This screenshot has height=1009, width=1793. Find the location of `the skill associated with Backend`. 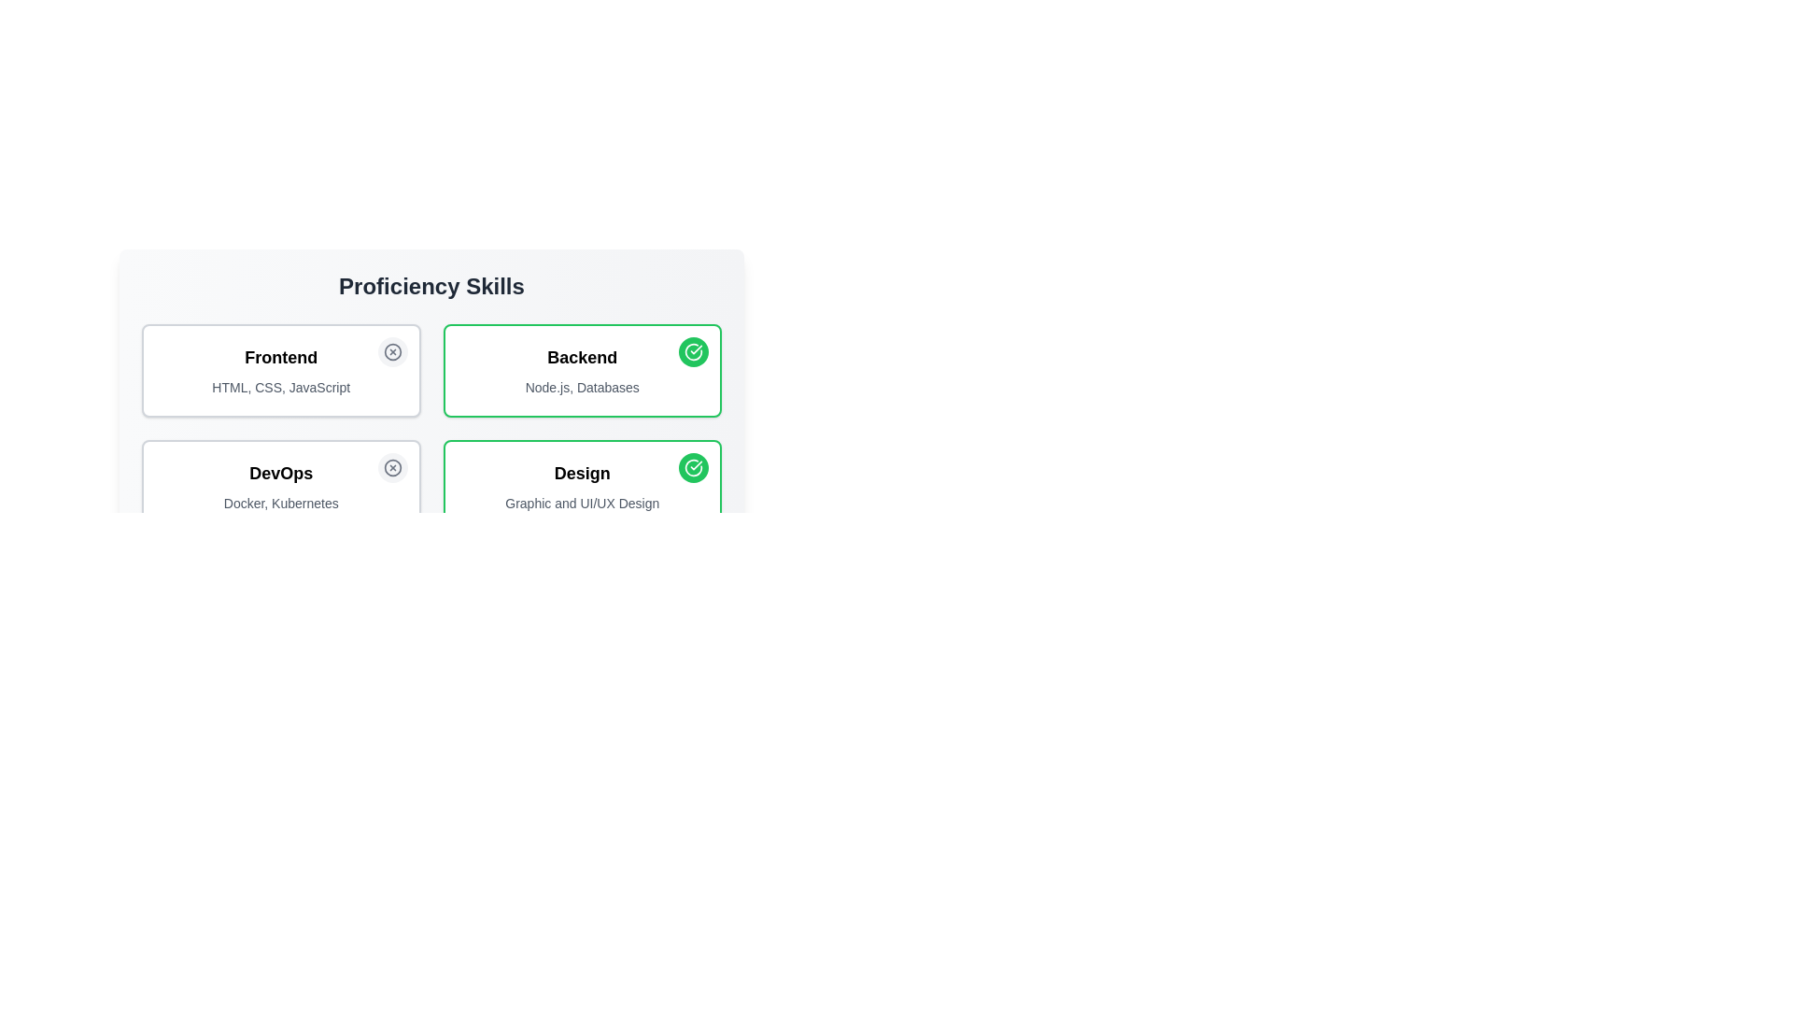

the skill associated with Backend is located at coordinates (693, 352).